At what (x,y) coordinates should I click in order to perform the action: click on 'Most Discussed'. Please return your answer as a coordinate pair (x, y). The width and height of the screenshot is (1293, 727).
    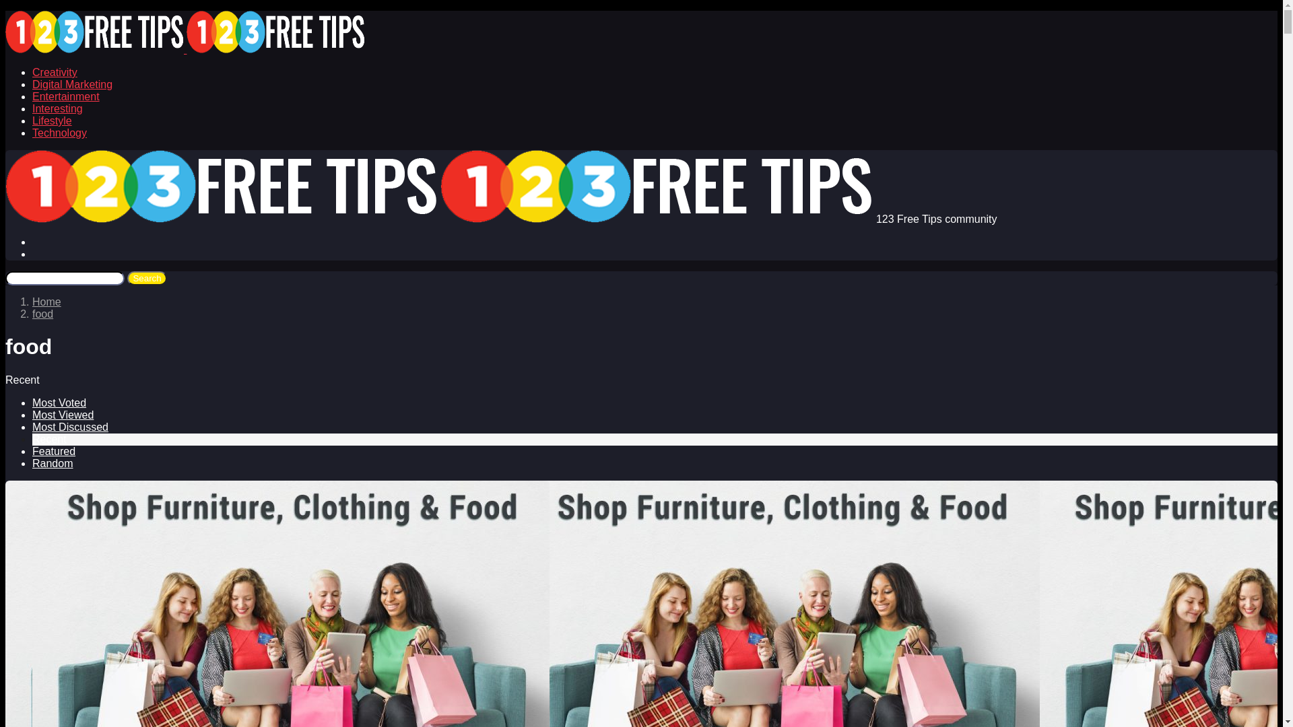
    Looking at the image, I should click on (69, 427).